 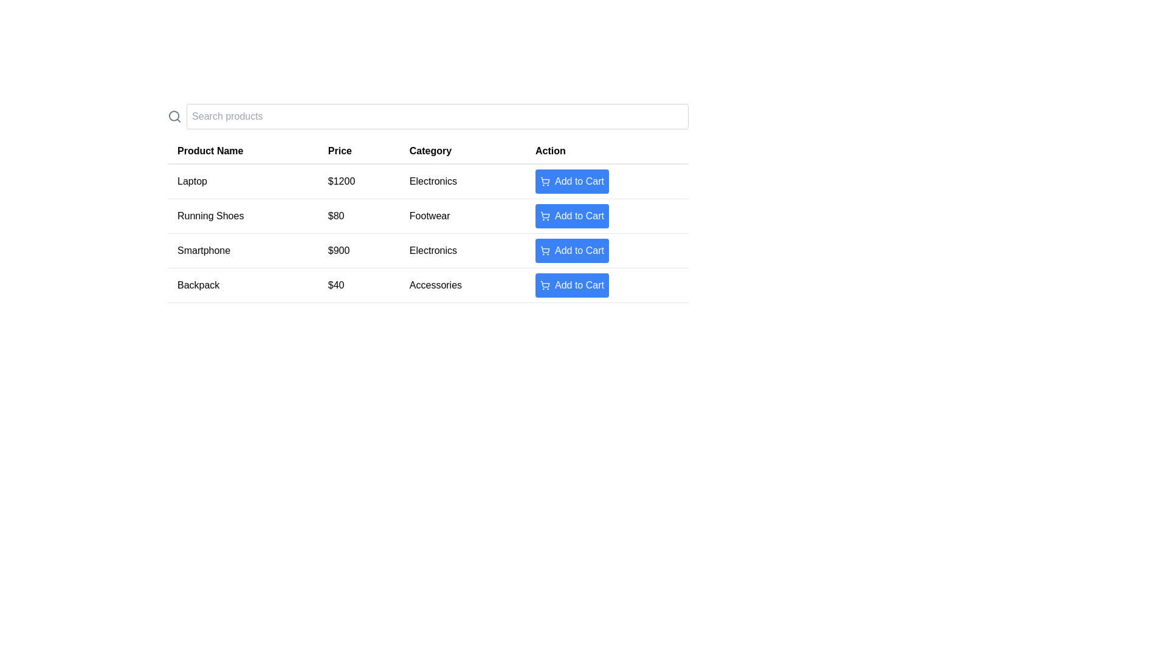 I want to click on the 'Add to Cart' icon located in the fourth row of the table under the 'Action' column for the 'Backpack' product, so click(x=545, y=285).